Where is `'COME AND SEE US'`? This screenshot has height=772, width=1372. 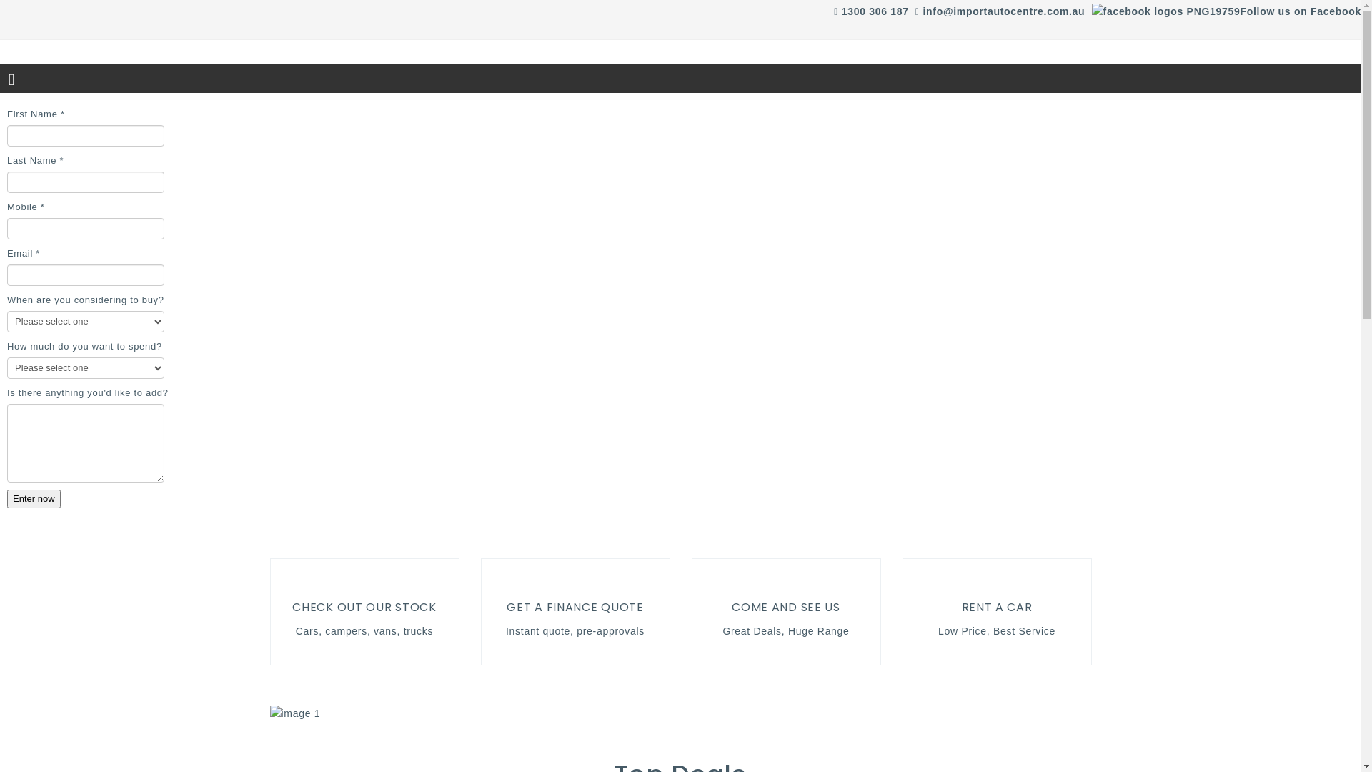 'COME AND SEE US' is located at coordinates (731, 607).